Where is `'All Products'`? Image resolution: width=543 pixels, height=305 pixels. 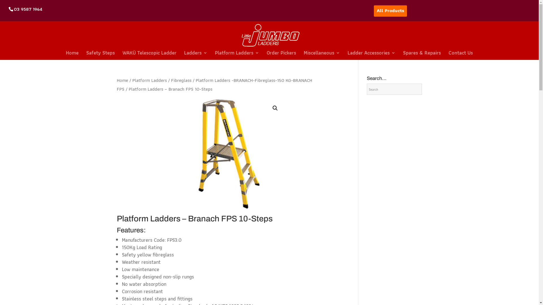 'All Products' is located at coordinates (374, 11).